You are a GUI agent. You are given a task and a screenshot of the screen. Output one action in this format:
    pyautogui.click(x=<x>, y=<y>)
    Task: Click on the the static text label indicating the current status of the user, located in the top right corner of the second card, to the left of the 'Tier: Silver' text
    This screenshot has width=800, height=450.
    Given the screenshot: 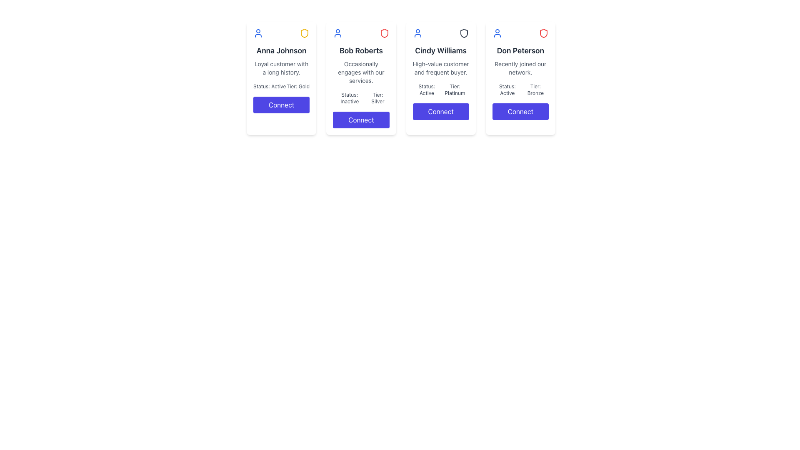 What is the action you would take?
    pyautogui.click(x=350, y=97)
    